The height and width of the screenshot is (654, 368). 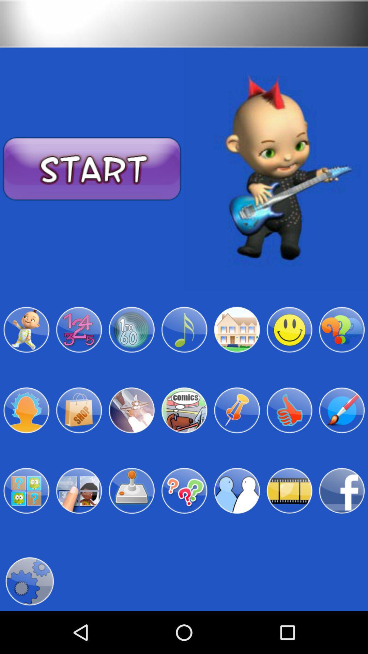 What do you see at coordinates (29, 581) in the screenshot?
I see `settings` at bounding box center [29, 581].